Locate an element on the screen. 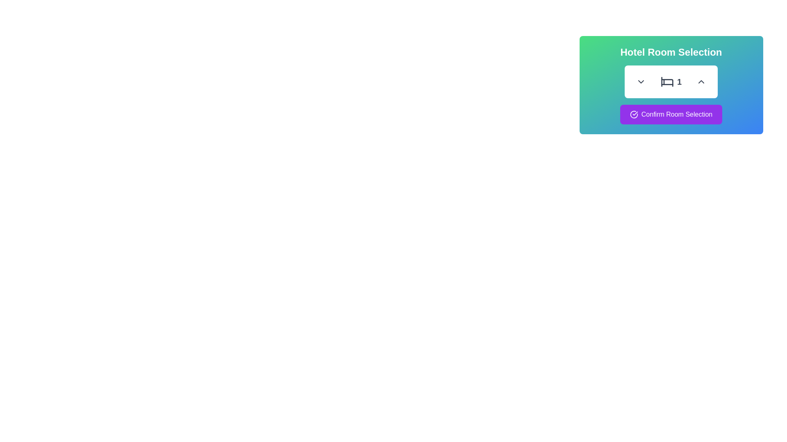 The height and width of the screenshot is (442, 787). the Chevron icon located in the top-right section of the white card interface below the 'Hotel Room Selection' header is located at coordinates (641, 82).